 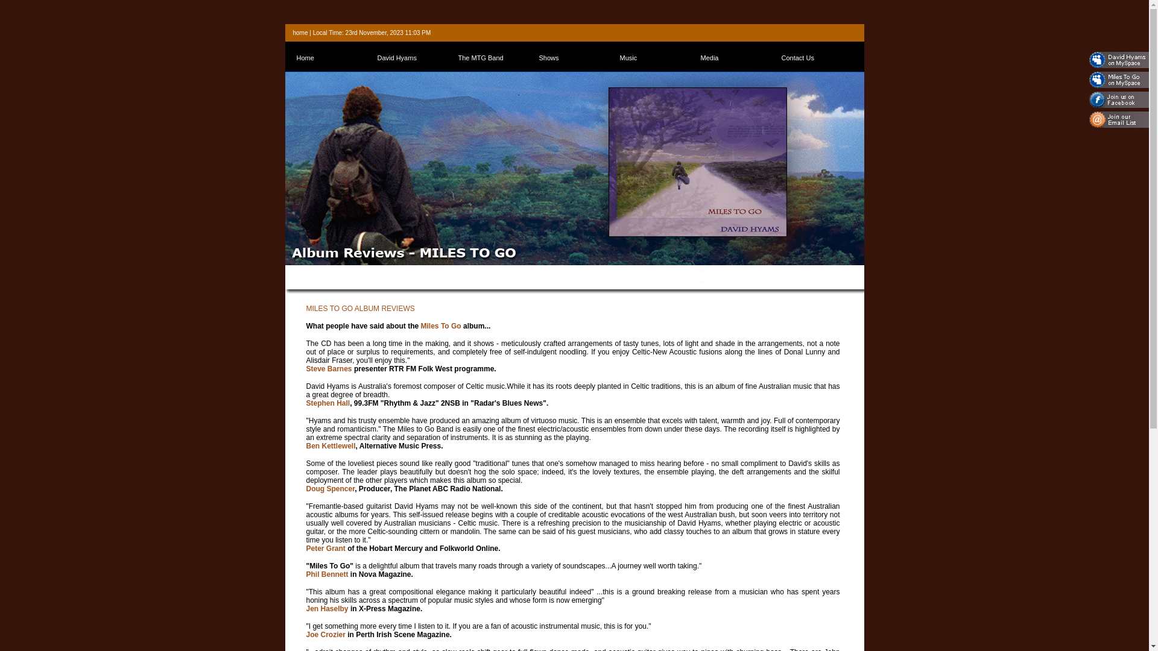 I want to click on 'home', so click(x=300, y=32).